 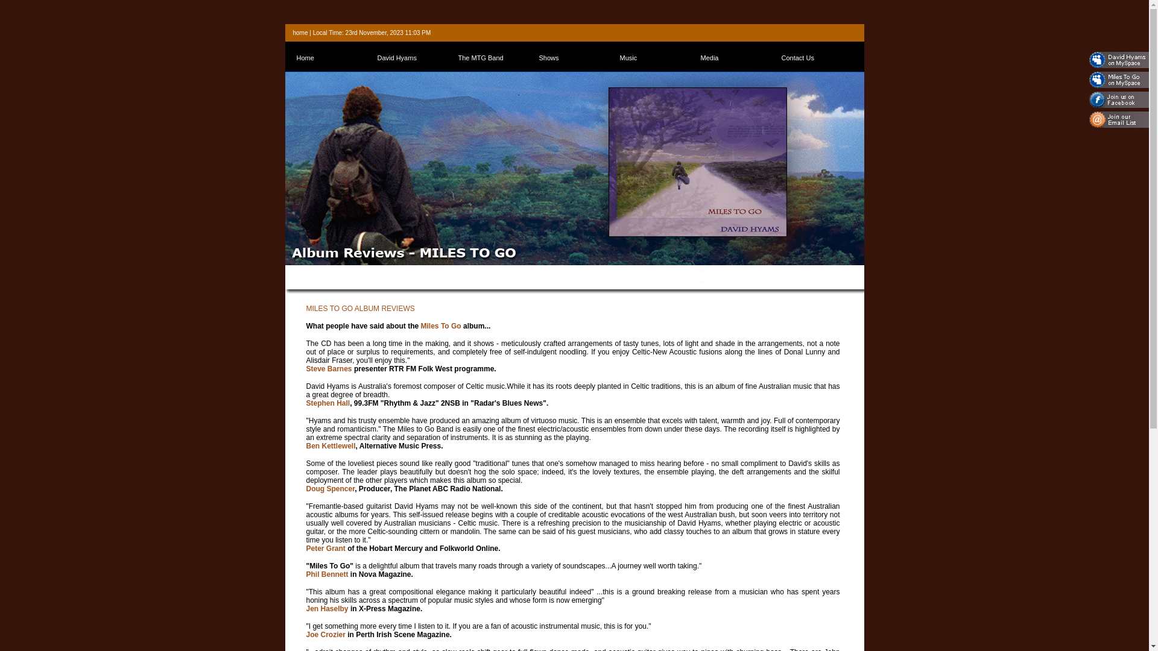 I want to click on 'home', so click(x=300, y=32).